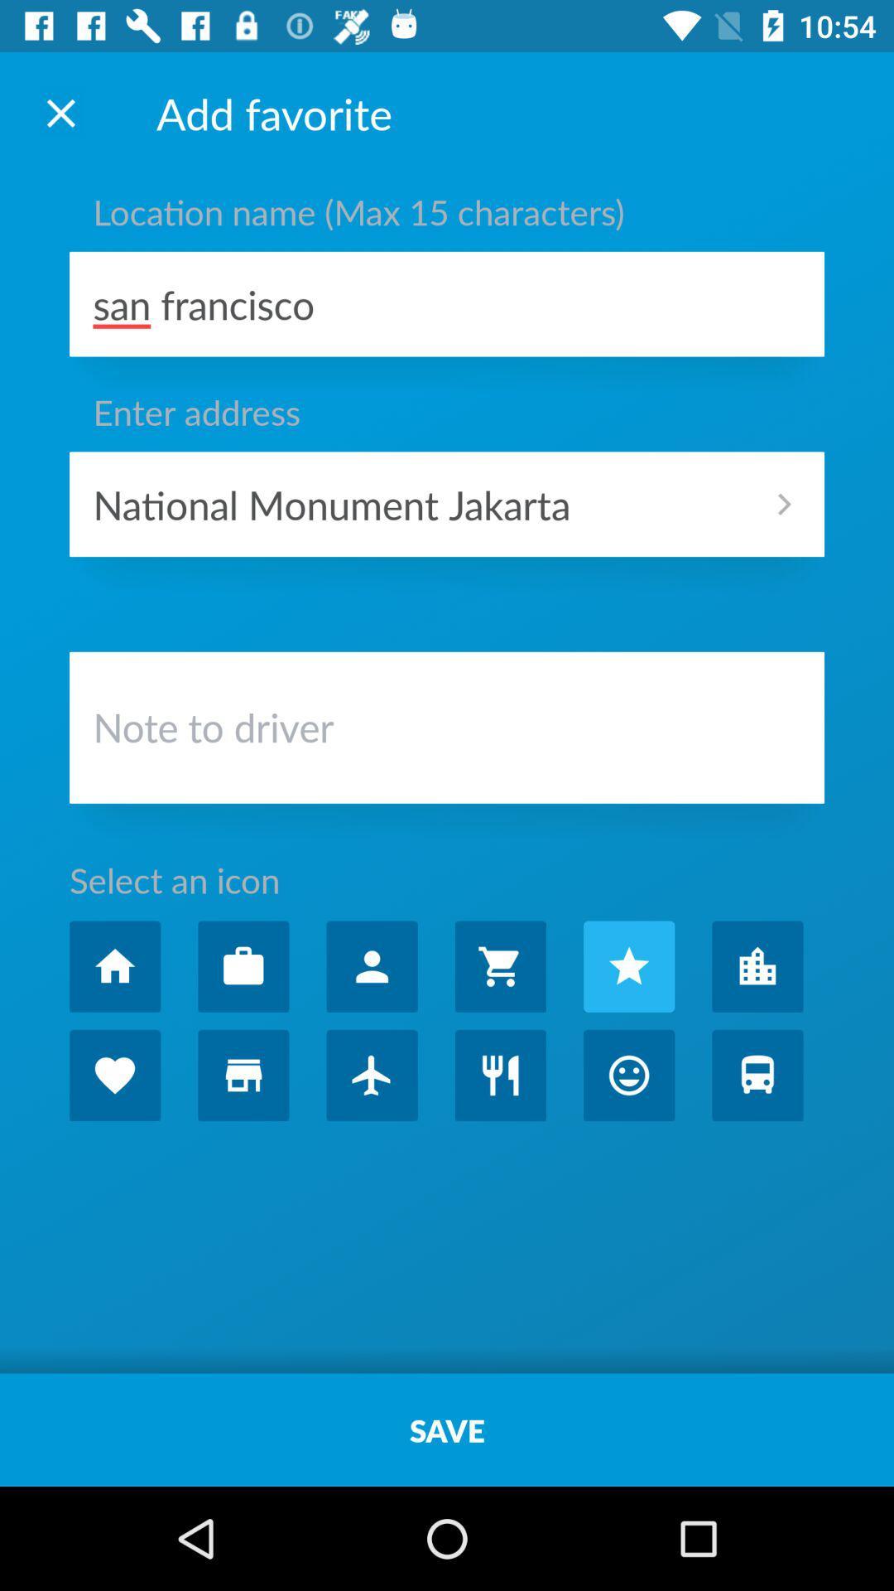 This screenshot has height=1591, width=894. I want to click on the page, so click(60, 112).